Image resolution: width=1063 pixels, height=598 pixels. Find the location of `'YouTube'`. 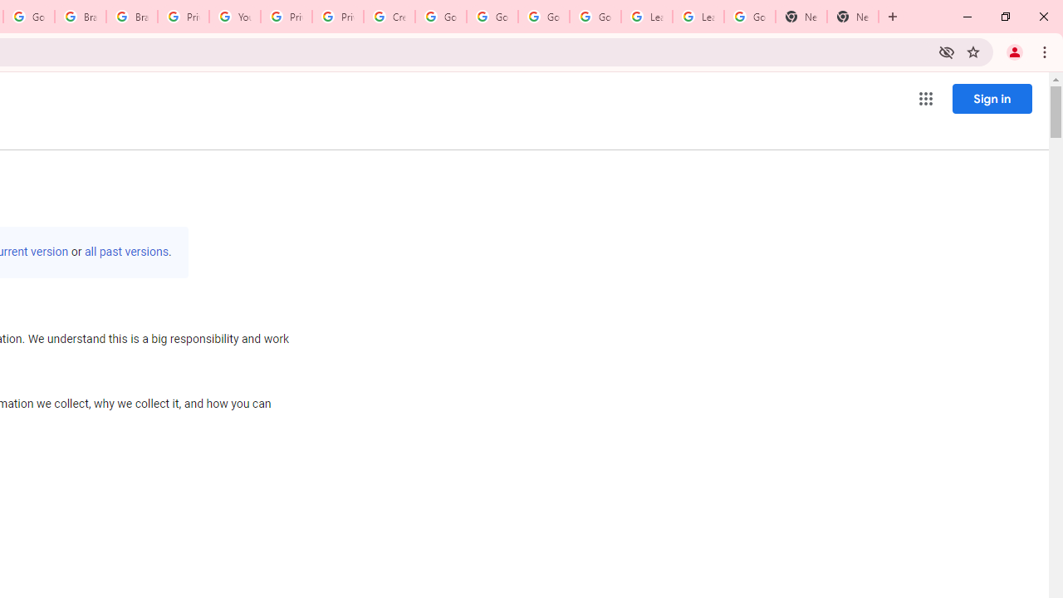

'YouTube' is located at coordinates (233, 17).